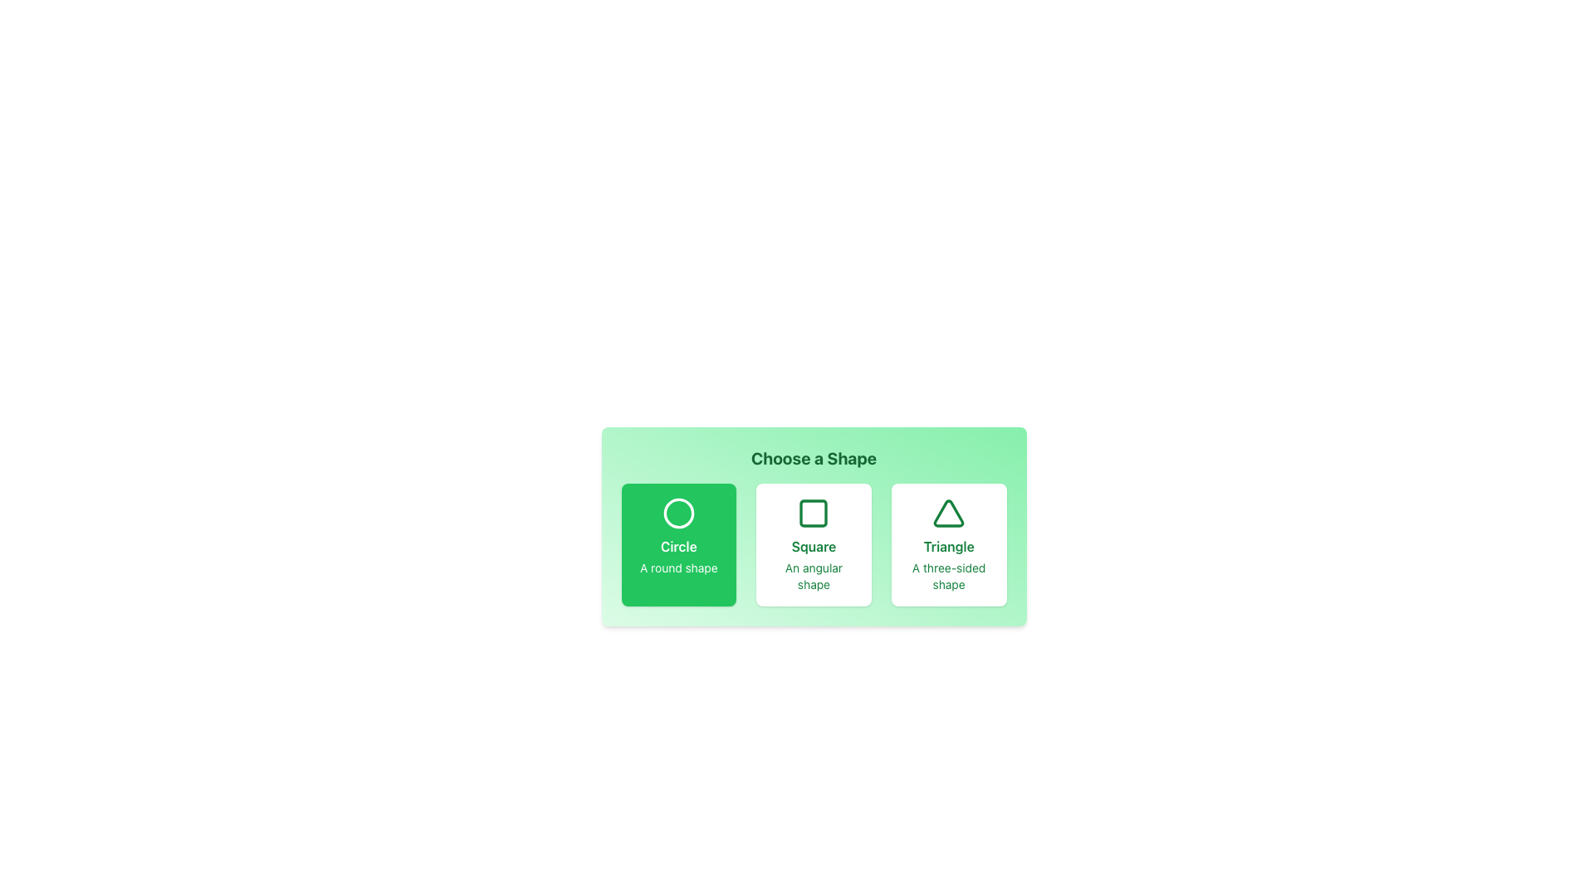 The image size is (1594, 896). Describe the element at coordinates (814, 458) in the screenshot. I see `heading element that provides context for the shape options, positioned at the top center above the buttons for 'Circle', 'Square', and 'Triangle'` at that location.